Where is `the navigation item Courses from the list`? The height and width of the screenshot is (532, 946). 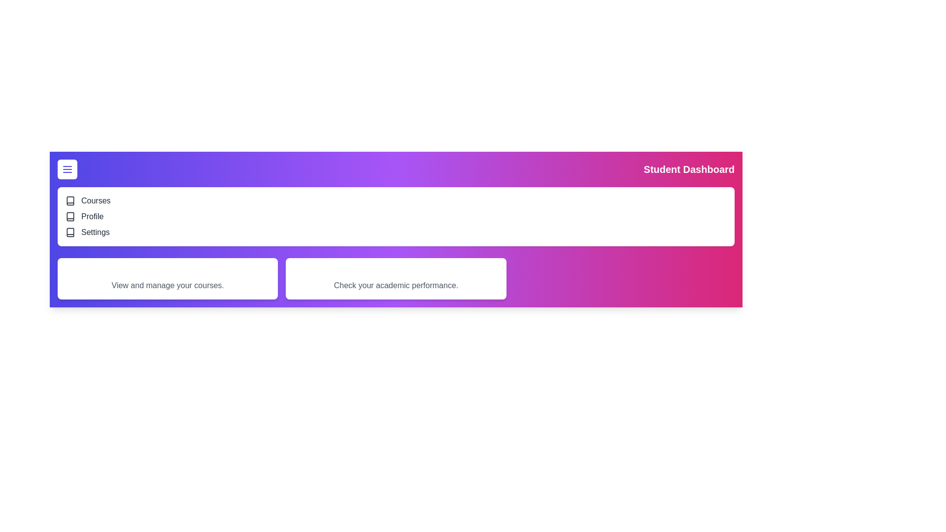 the navigation item Courses from the list is located at coordinates (73, 197).